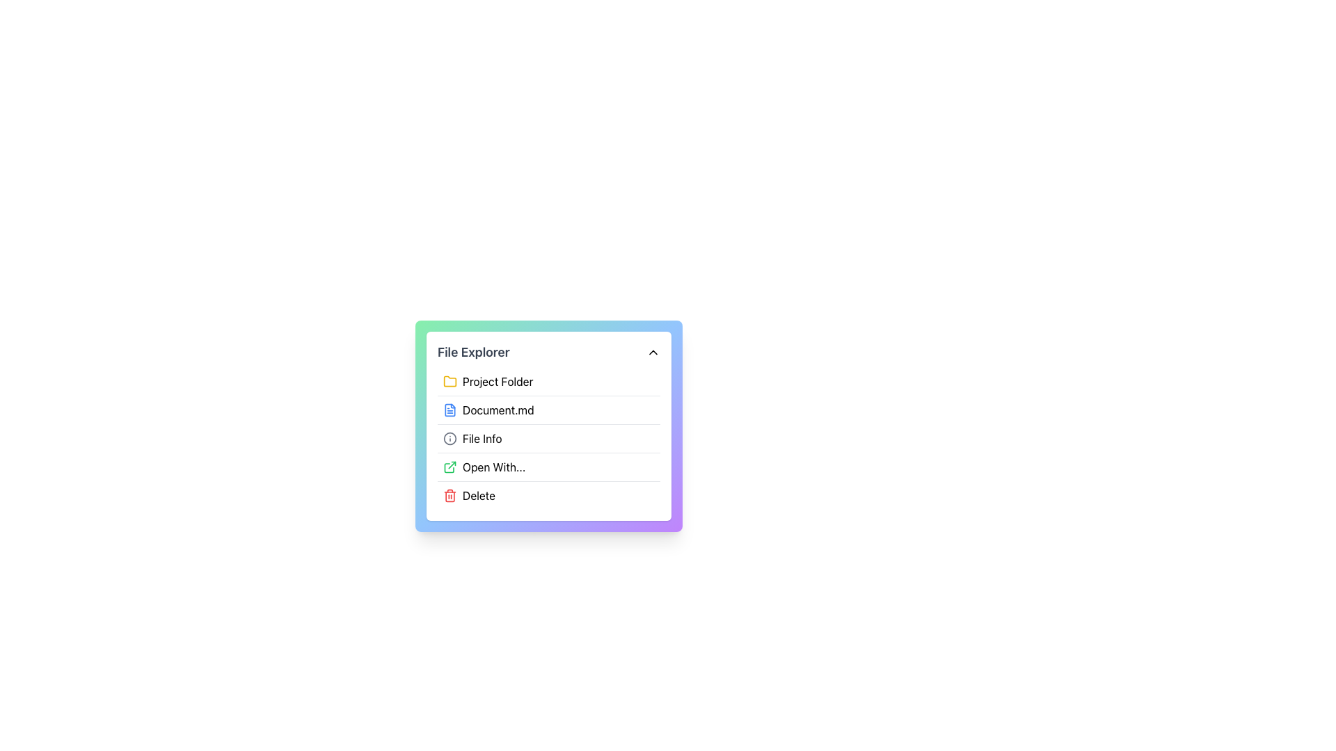  Describe the element at coordinates (450, 467) in the screenshot. I see `the external linking icon located to the immediate left of the 'Open With...' text label, which is the fourth item from the top in the menu` at that location.